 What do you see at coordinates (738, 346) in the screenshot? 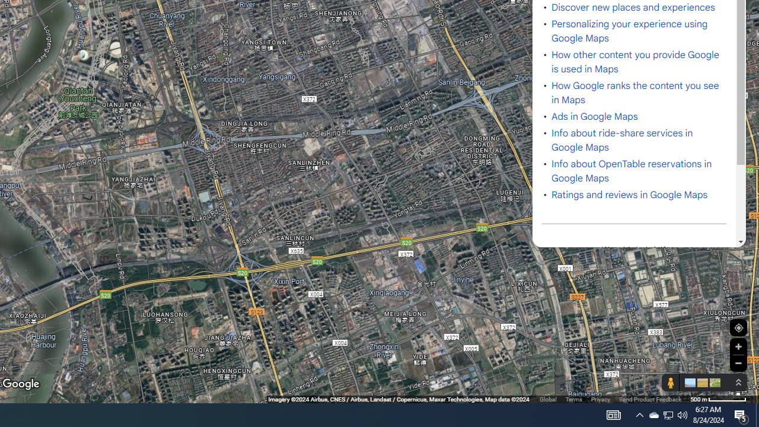
I see `'Zoom in'` at bounding box center [738, 346].